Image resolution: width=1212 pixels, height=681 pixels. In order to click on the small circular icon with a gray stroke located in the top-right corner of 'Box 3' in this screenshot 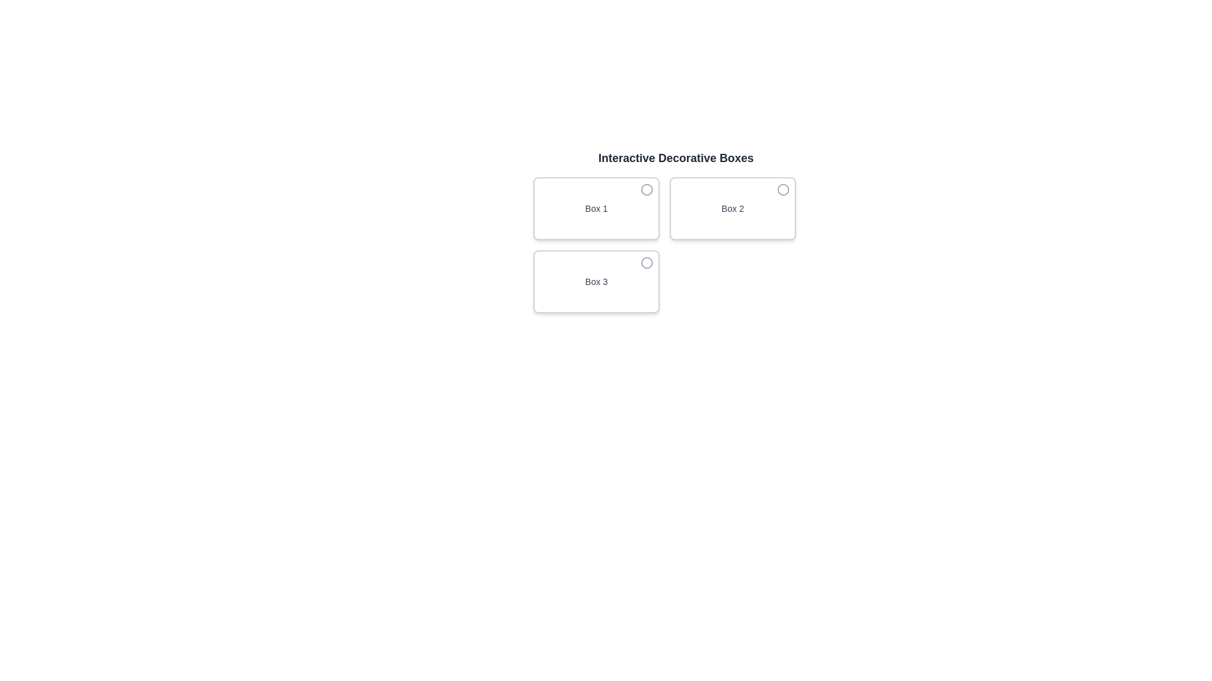, I will do `click(647, 262)`.